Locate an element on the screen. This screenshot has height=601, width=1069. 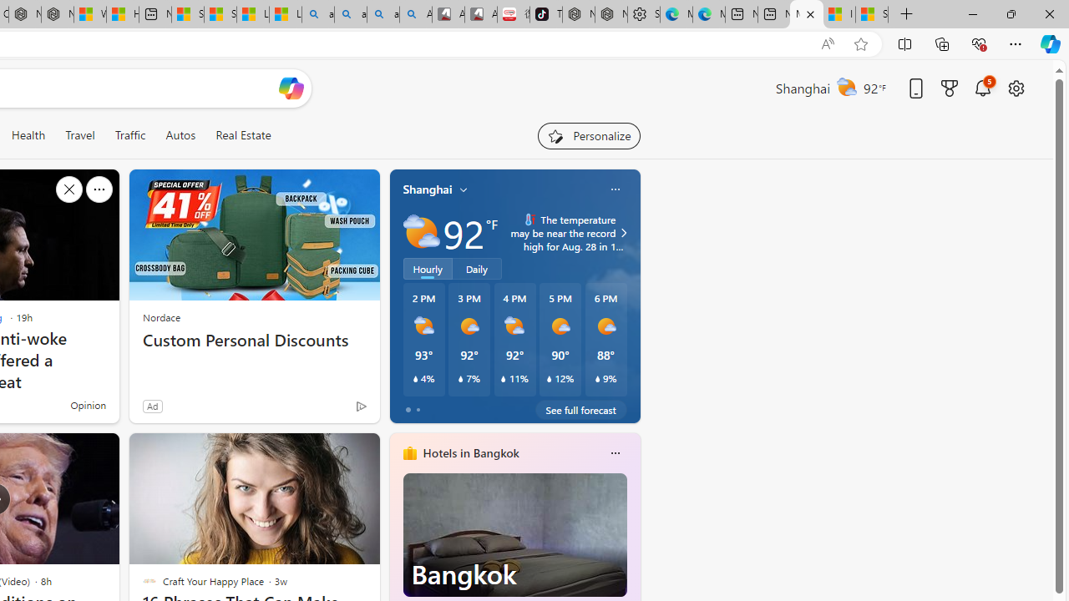
'Class: weather-arrow-glyph' is located at coordinates (622, 233).